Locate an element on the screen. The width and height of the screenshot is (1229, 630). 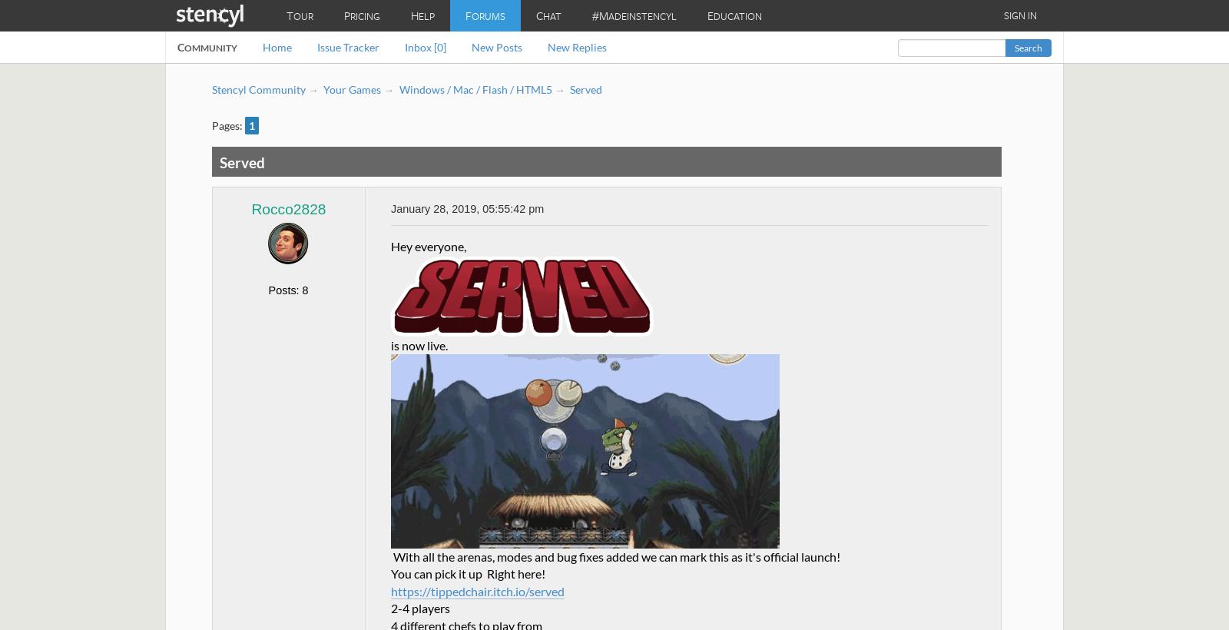
'Search' is located at coordinates (1013, 48).